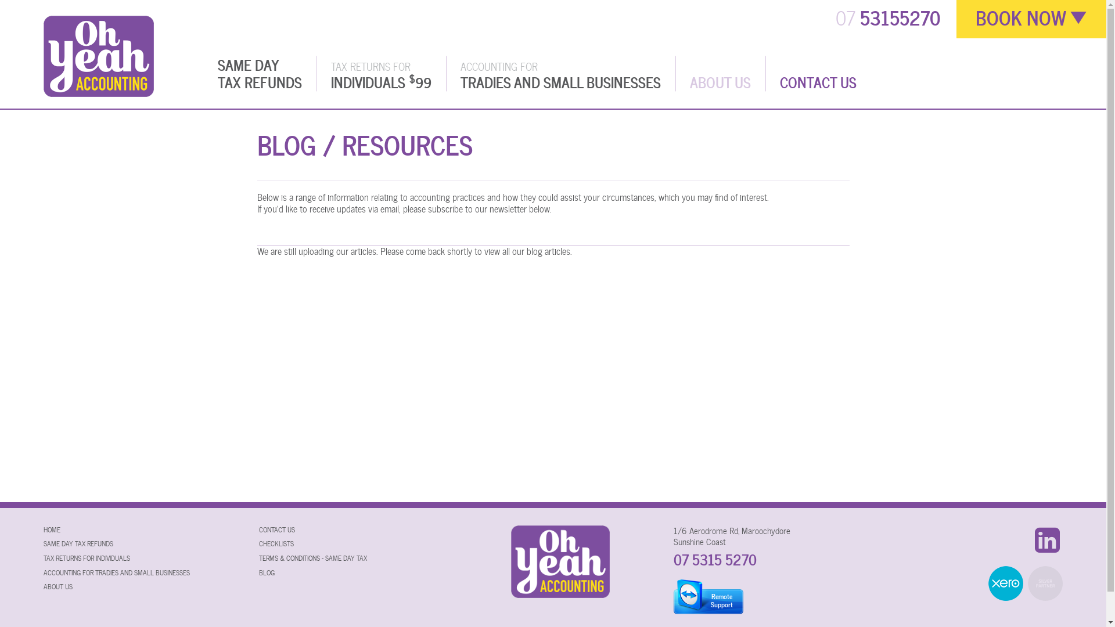  Describe the element at coordinates (707, 597) in the screenshot. I see `'TeamViewer for Remote Support'` at that location.